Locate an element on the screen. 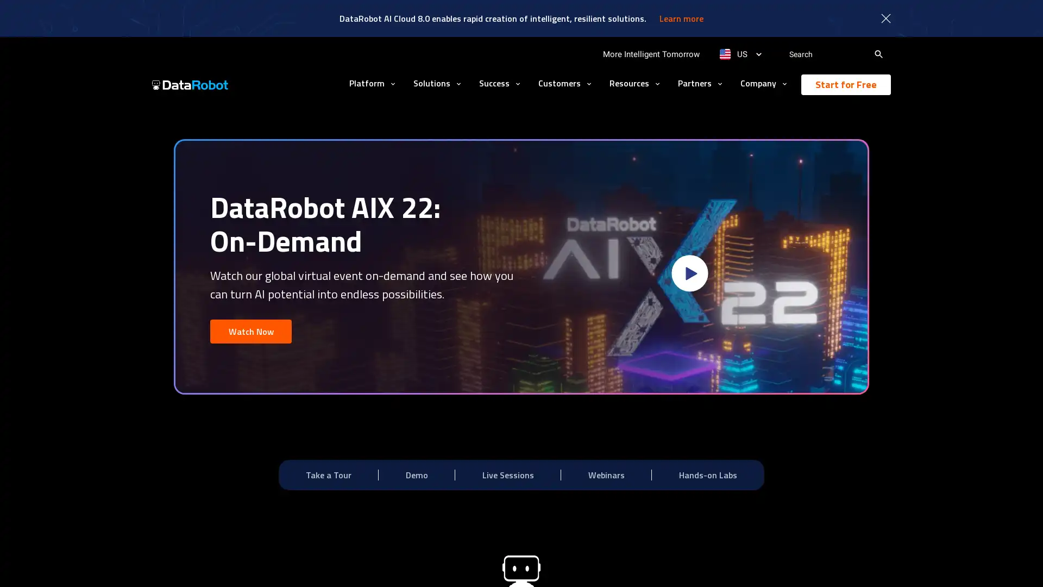 The width and height of the screenshot is (1043, 587). Cookie Settings is located at coordinates (693, 563).